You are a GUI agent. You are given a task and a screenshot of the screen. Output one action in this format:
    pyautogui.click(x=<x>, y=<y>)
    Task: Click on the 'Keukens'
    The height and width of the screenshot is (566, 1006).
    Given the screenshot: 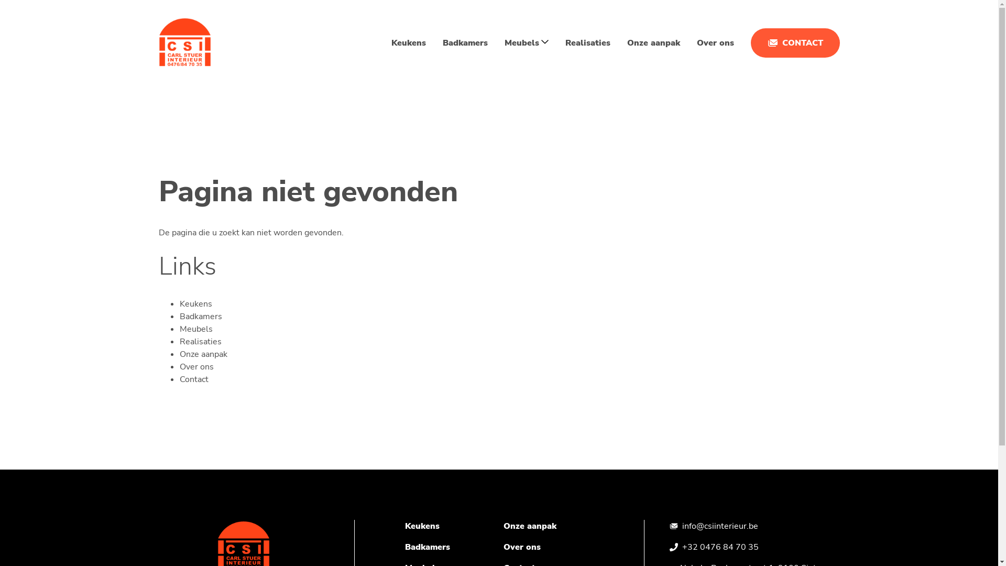 What is the action you would take?
    pyautogui.click(x=195, y=303)
    